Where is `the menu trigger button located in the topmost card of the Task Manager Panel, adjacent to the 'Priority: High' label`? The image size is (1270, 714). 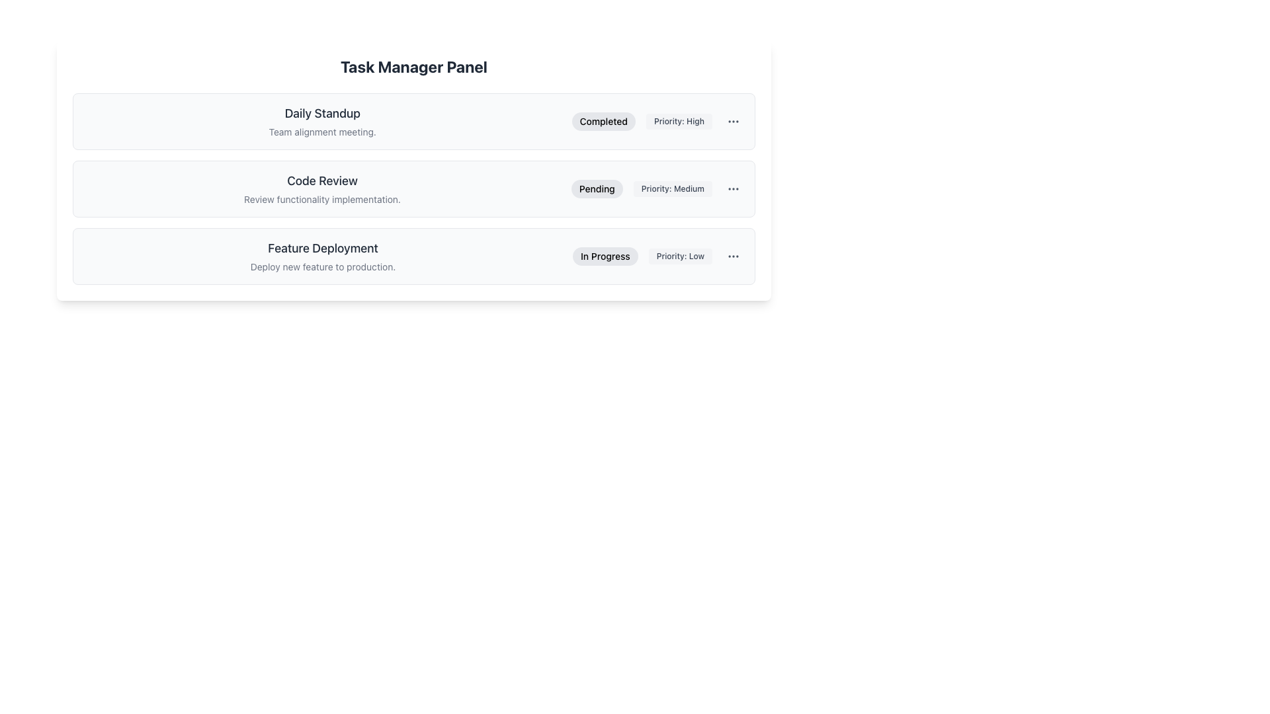
the menu trigger button located in the topmost card of the Task Manager Panel, adjacent to the 'Priority: High' label is located at coordinates (732, 122).